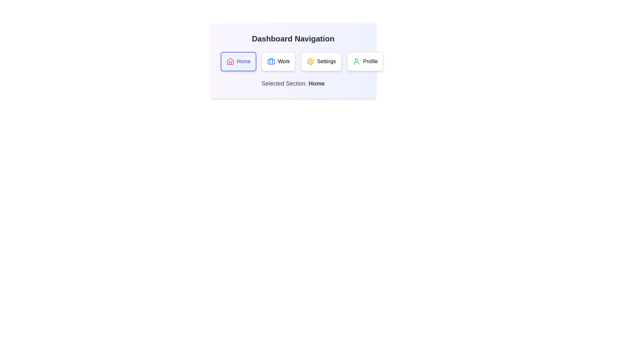 This screenshot has height=350, width=623. Describe the element at coordinates (326, 61) in the screenshot. I see `the 'Settings' text label, which is styled with a medium font weight and positioned next to a gear-shaped icon in the navigation bar` at that location.